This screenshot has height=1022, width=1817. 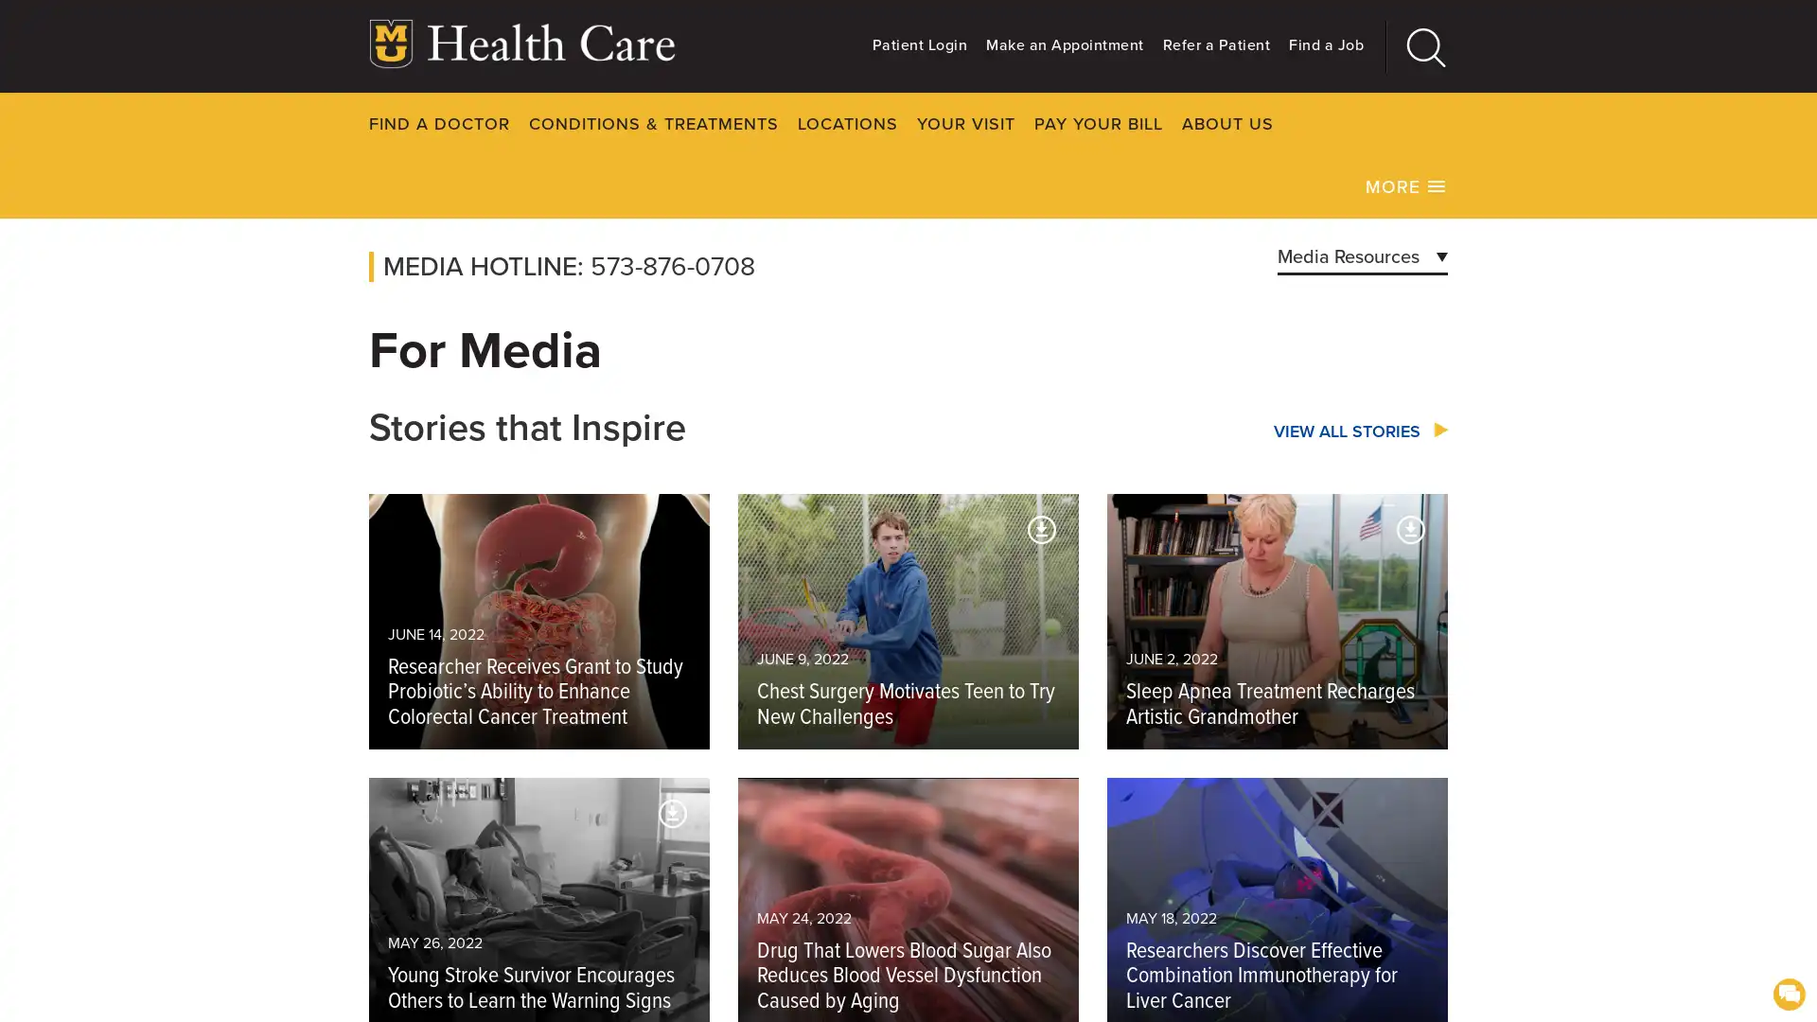 I want to click on MORE, so click(x=1406, y=185).